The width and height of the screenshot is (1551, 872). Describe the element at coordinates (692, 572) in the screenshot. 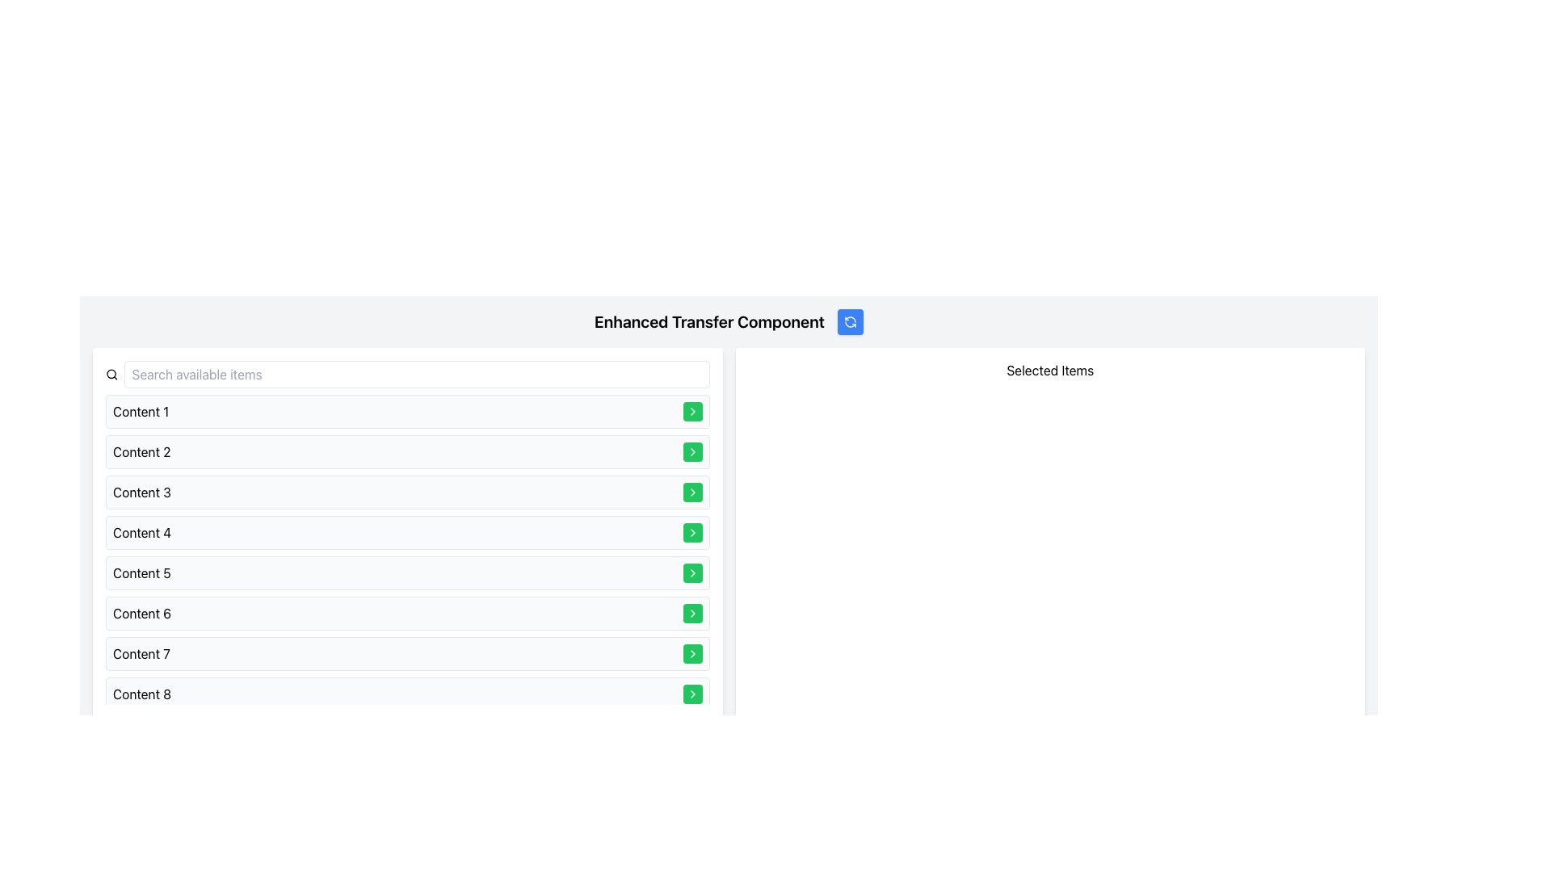

I see `the right-pointing chevron icon with a green background located to the far right of 'Content 8'` at that location.